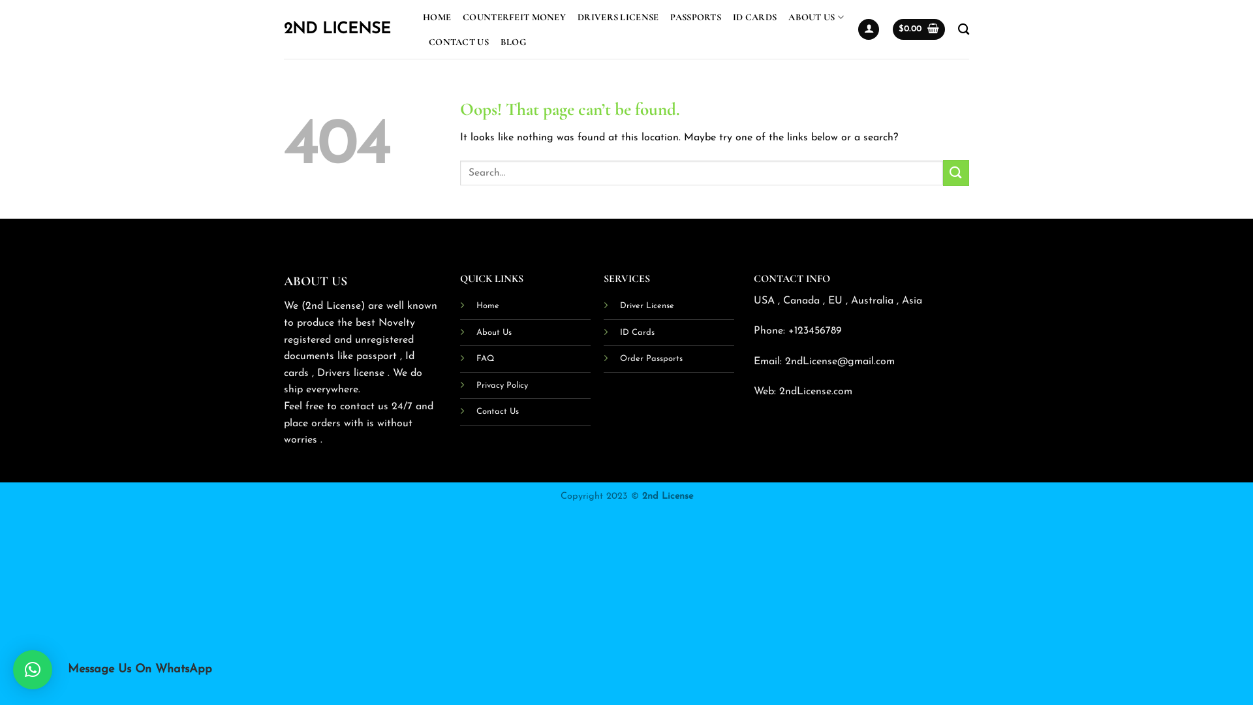 This screenshot has height=705, width=1253. I want to click on 'Home', so click(487, 305).